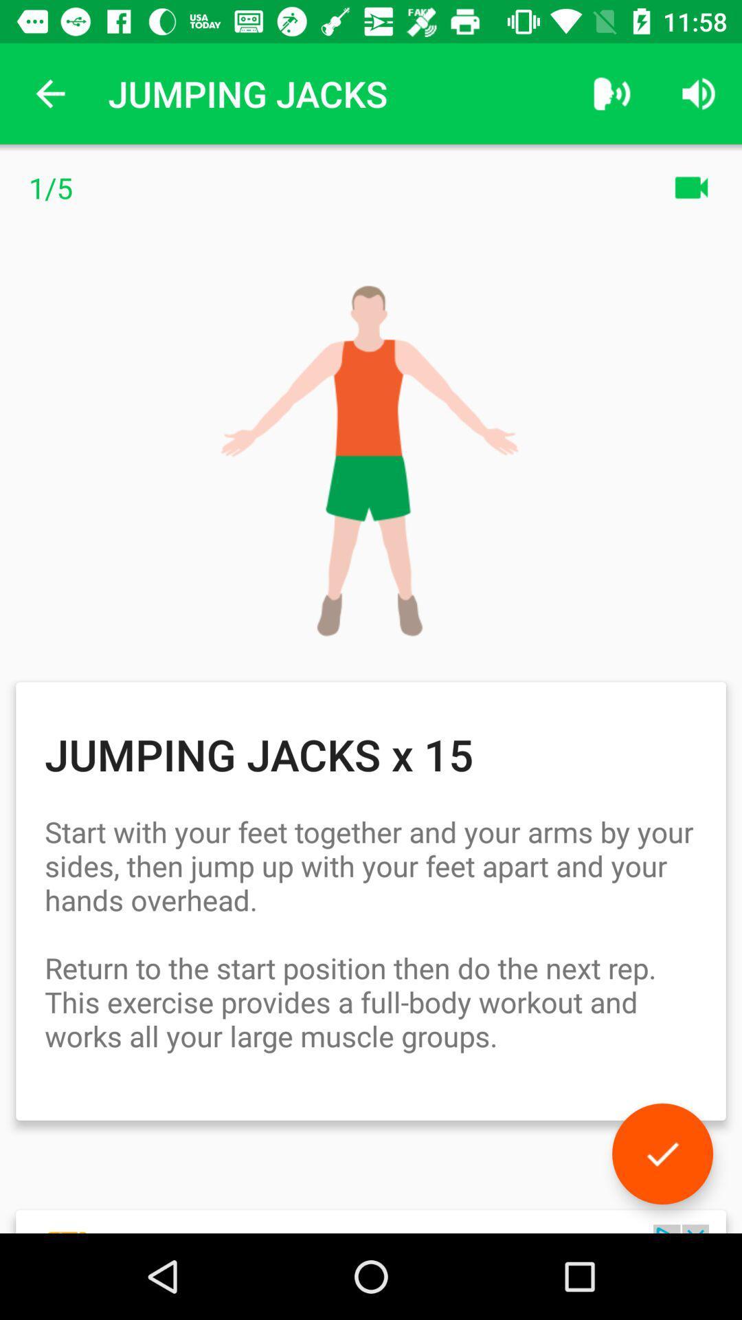 This screenshot has width=742, height=1320. I want to click on the icon at the top left corner, so click(49, 93).